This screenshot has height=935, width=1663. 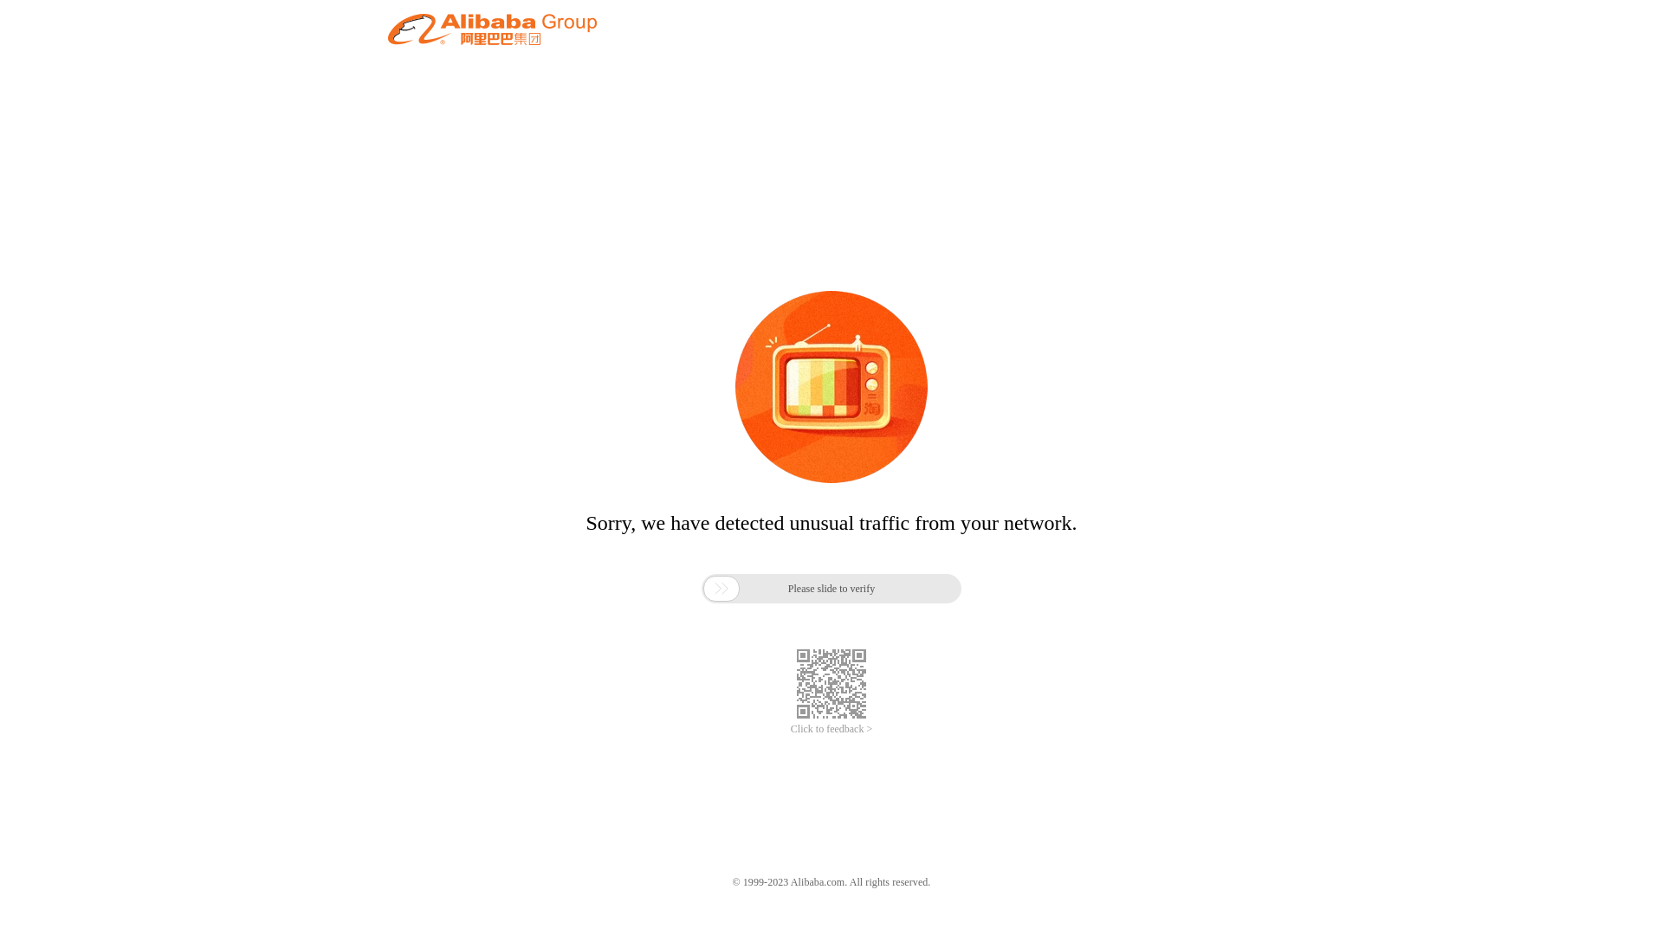 What do you see at coordinates (831, 729) in the screenshot?
I see `'Click to feedback >'` at bounding box center [831, 729].